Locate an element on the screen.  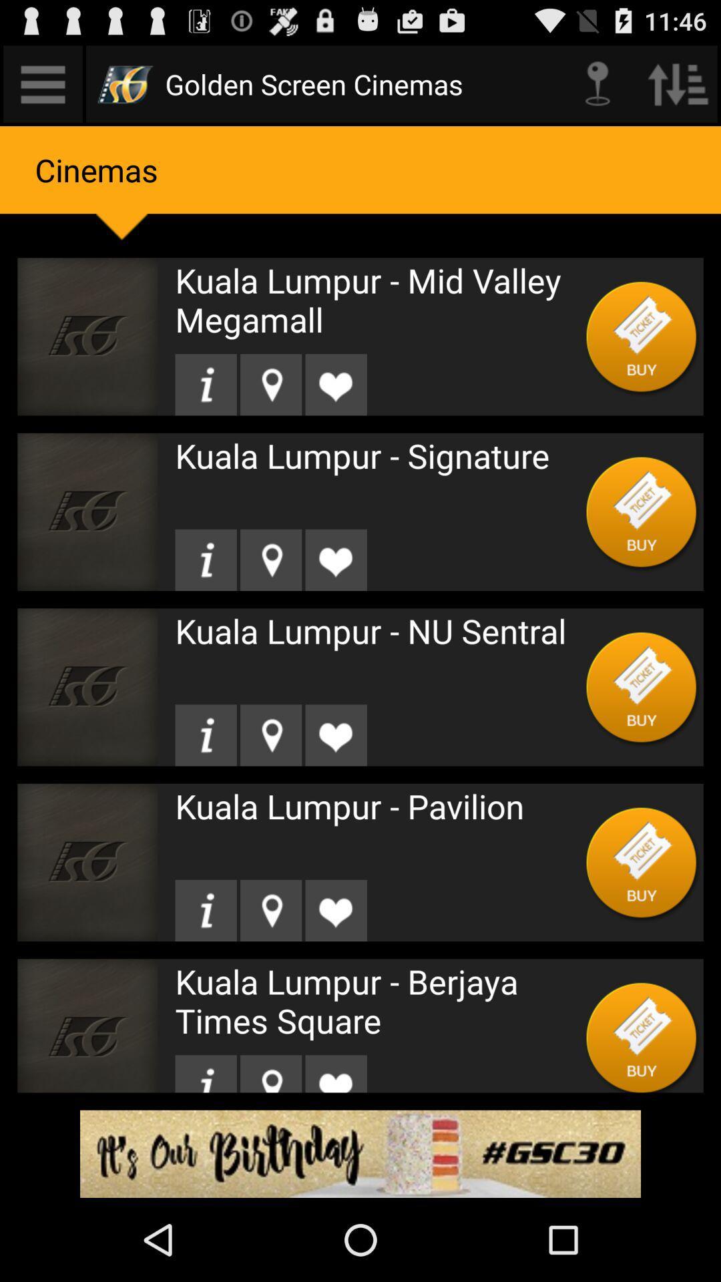
like button is located at coordinates (335, 734).